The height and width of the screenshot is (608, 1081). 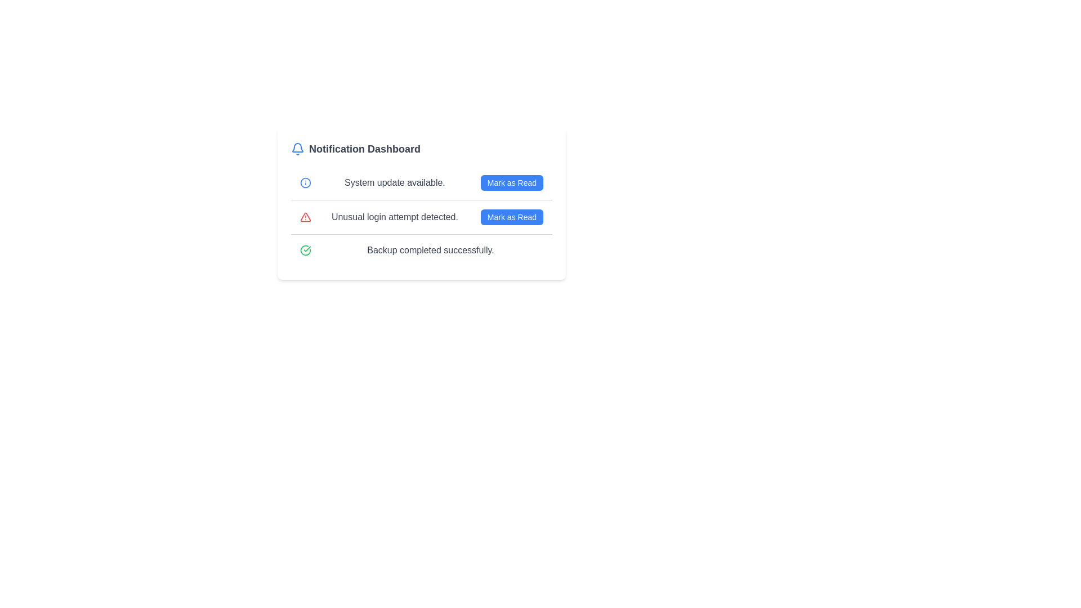 What do you see at coordinates (305, 182) in the screenshot?
I see `the circular blue-bordered icon with a white fill and information symbol, located to the left of the text 'System update available.'` at bounding box center [305, 182].